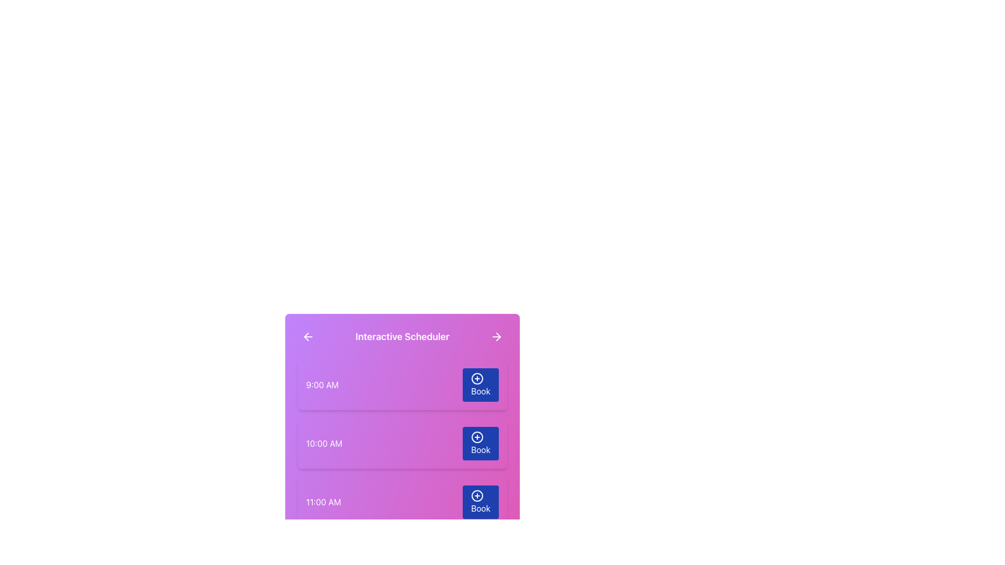 The image size is (1005, 565). I want to click on the 'Book' button located on the far right of the second row in the time slot list to book the 10:00 AM appointment, so click(480, 444).